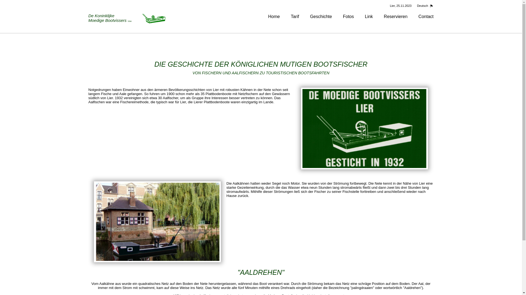 The width and height of the screenshot is (526, 295). Describe the element at coordinates (423, 5) in the screenshot. I see `'Deutsch'` at that location.